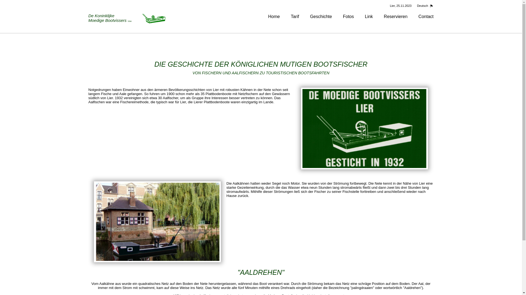 The width and height of the screenshot is (526, 295). Describe the element at coordinates (423, 5) in the screenshot. I see `'Deutsch'` at that location.